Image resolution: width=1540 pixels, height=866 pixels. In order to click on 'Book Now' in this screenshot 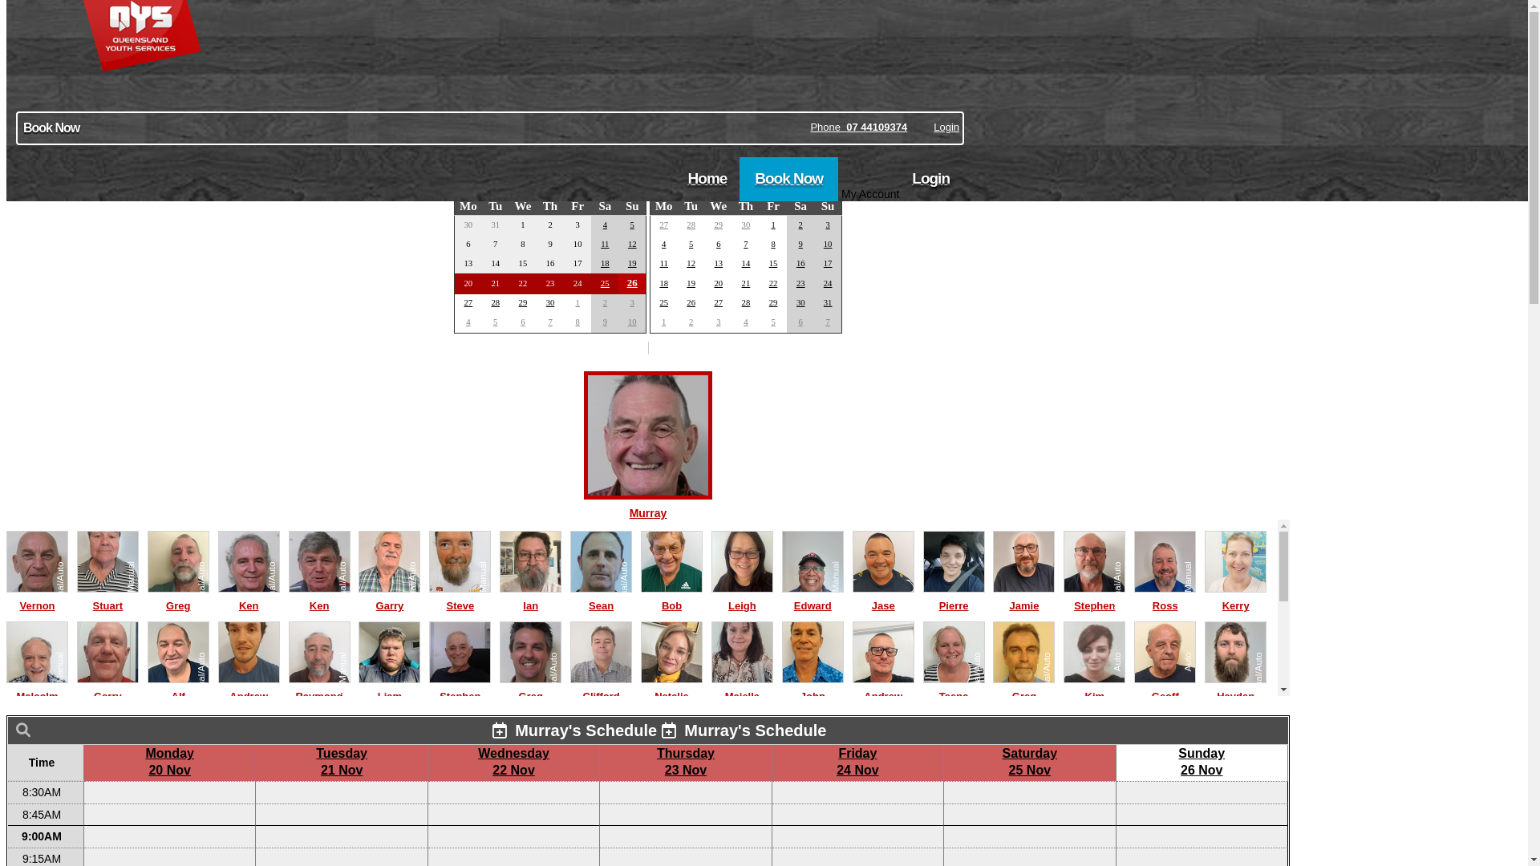, I will do `click(488, 127)`.